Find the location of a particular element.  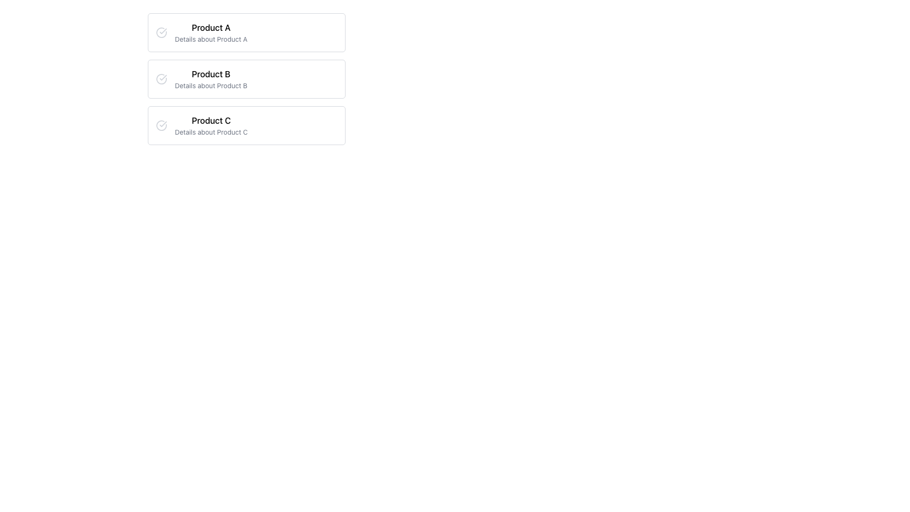

the circular checkmark icon indicating selection for 'Product A', which is located to the left of the 'Product A' text is located at coordinates (161, 32).